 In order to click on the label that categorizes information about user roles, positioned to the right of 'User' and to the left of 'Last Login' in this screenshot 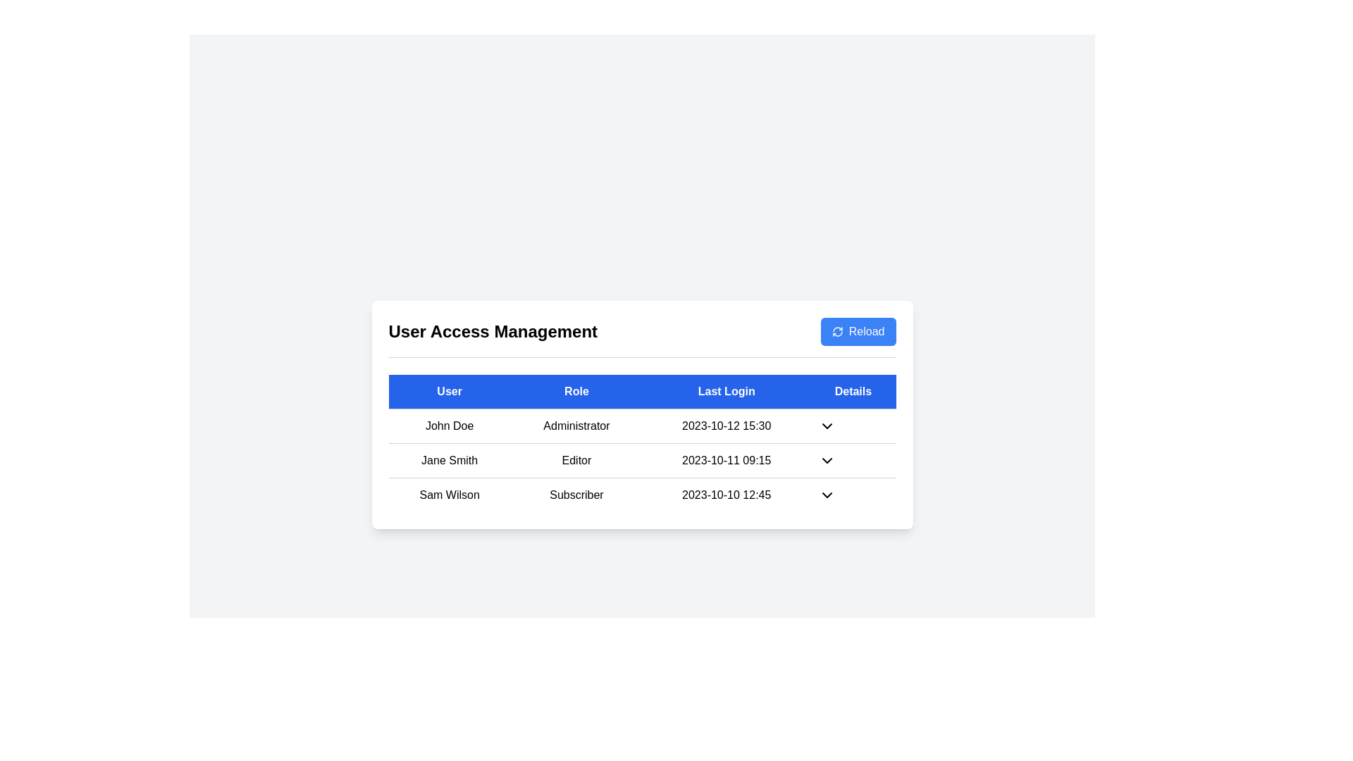, I will do `click(576, 392)`.